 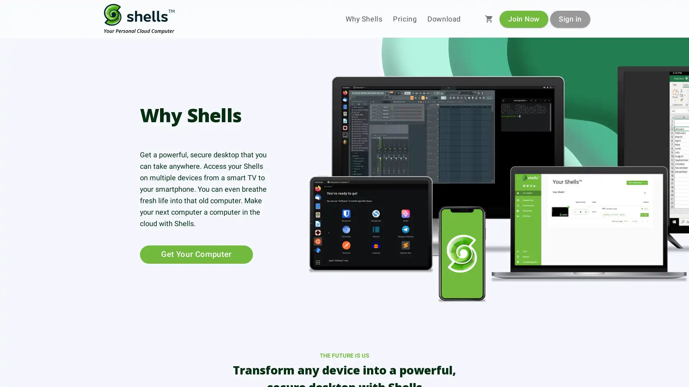 I want to click on Why Shells, so click(x=364, y=19).